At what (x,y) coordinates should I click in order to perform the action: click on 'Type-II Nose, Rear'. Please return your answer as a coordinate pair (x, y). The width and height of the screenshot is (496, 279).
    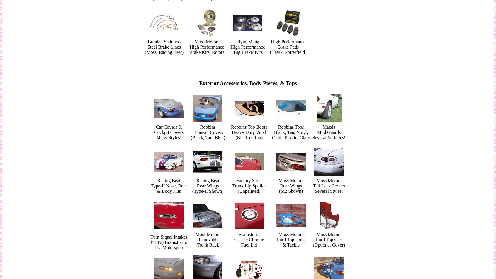
    Looking at the image, I should click on (168, 185).